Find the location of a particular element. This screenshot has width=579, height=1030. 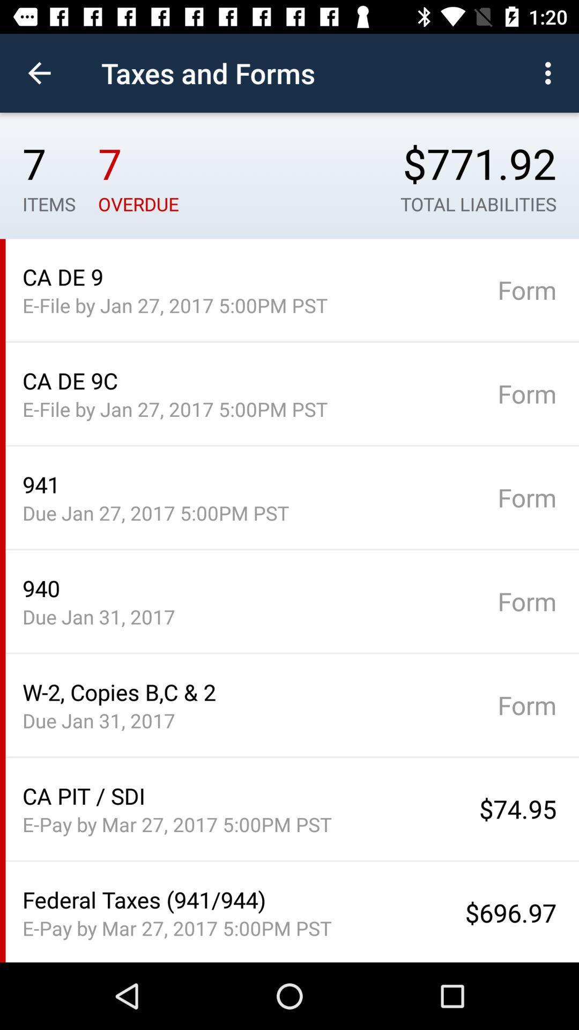

the three vertical dots on the top right corner of the web page is located at coordinates (551, 73).